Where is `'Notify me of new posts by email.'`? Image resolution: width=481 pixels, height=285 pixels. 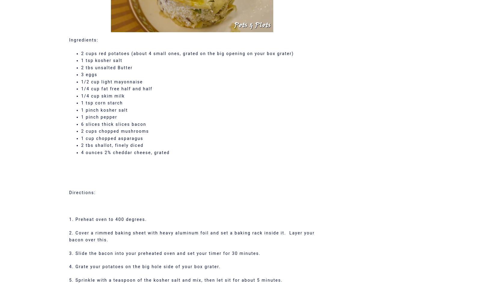 'Notify me of new posts by email.' is located at coordinates (126, 4).